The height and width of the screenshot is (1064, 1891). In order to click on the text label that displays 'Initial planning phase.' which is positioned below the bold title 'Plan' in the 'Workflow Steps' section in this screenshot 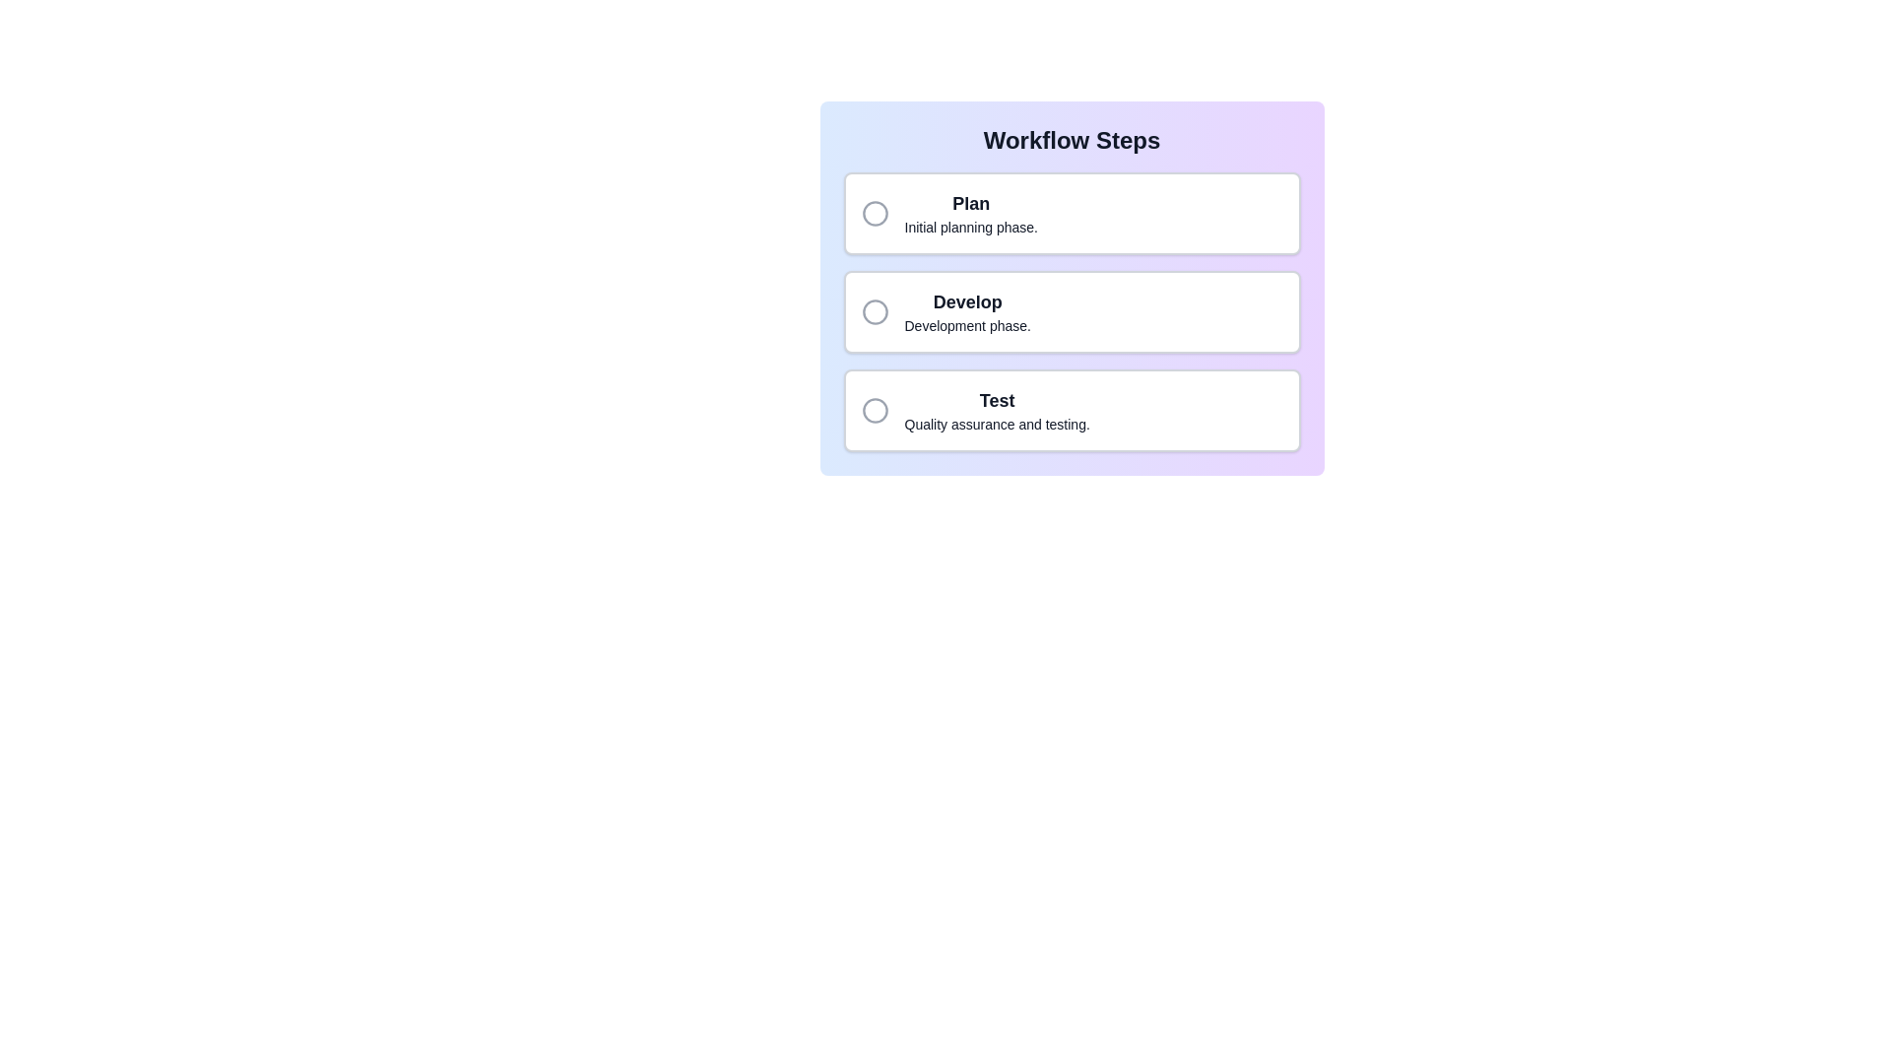, I will do `click(971, 227)`.